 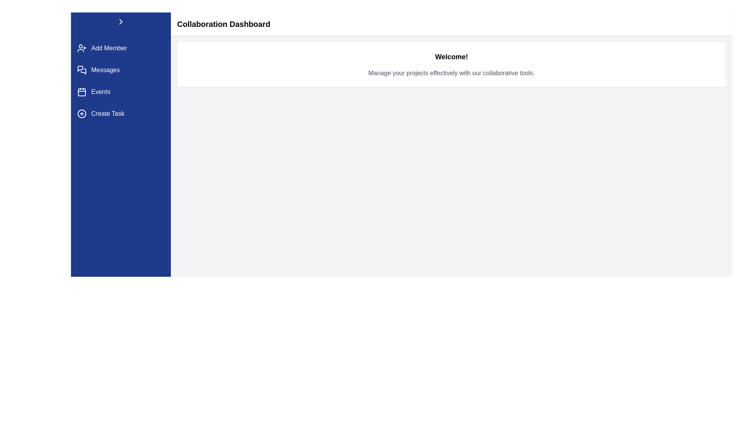 What do you see at coordinates (223, 23) in the screenshot?
I see `text label heading located at the top section of the interface, which provides context about the current page or section within the application` at bounding box center [223, 23].